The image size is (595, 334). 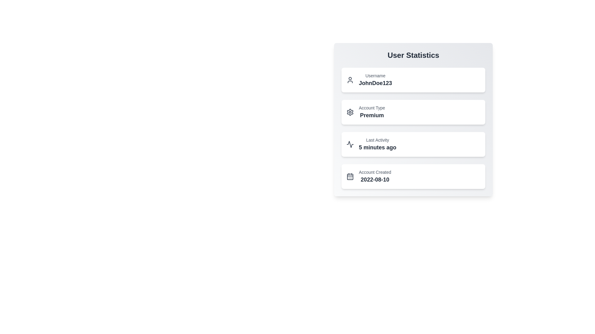 I want to click on the decorative activity status icon located adjacent to the text 'Last Activity' and above '5 minutes ago' in the user statistics panel, so click(x=350, y=144).